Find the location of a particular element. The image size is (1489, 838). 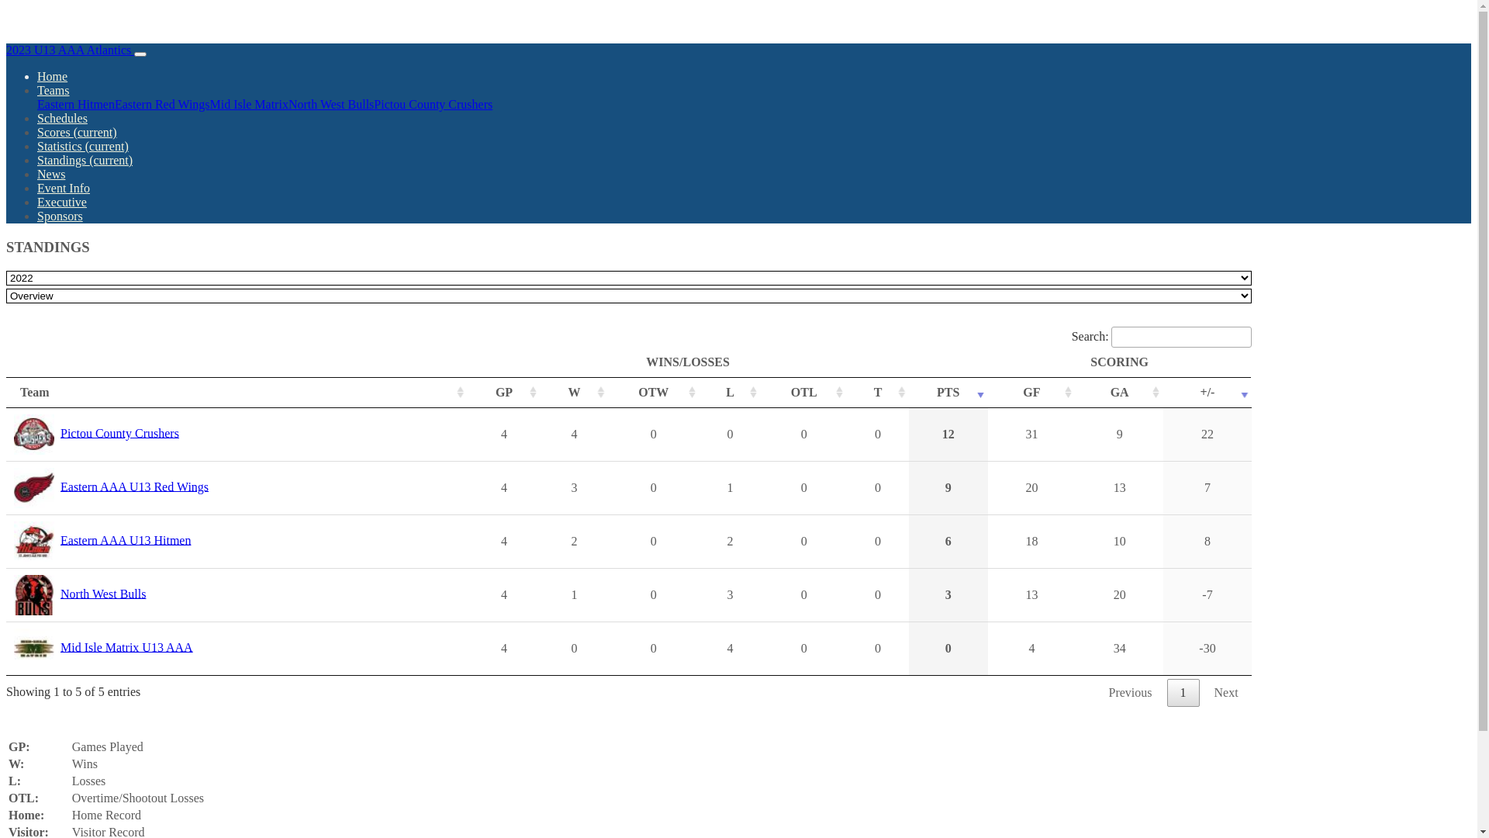

'Statistics (current)' is located at coordinates (81, 146).